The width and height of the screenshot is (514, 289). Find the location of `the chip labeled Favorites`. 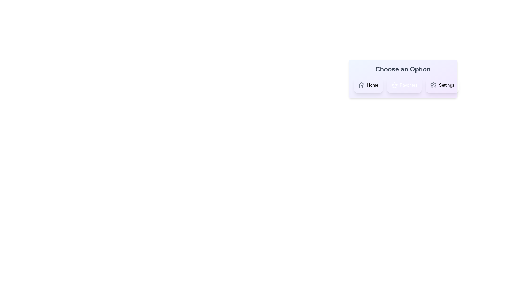

the chip labeled Favorites is located at coordinates (404, 85).